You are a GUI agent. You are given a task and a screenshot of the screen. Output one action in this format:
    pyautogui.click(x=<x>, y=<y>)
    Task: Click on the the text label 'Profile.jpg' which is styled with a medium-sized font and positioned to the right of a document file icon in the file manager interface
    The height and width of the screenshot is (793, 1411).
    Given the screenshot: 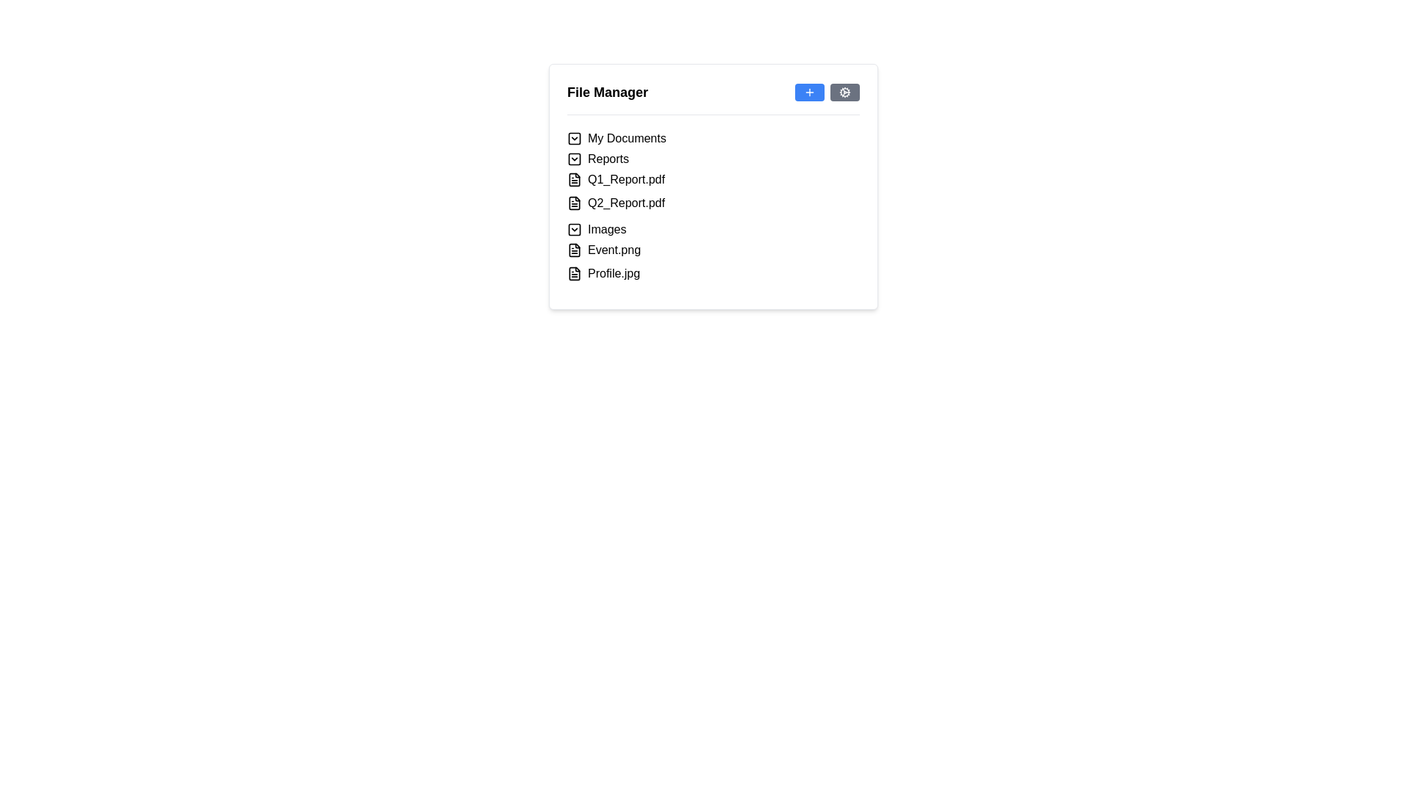 What is the action you would take?
    pyautogui.click(x=614, y=274)
    